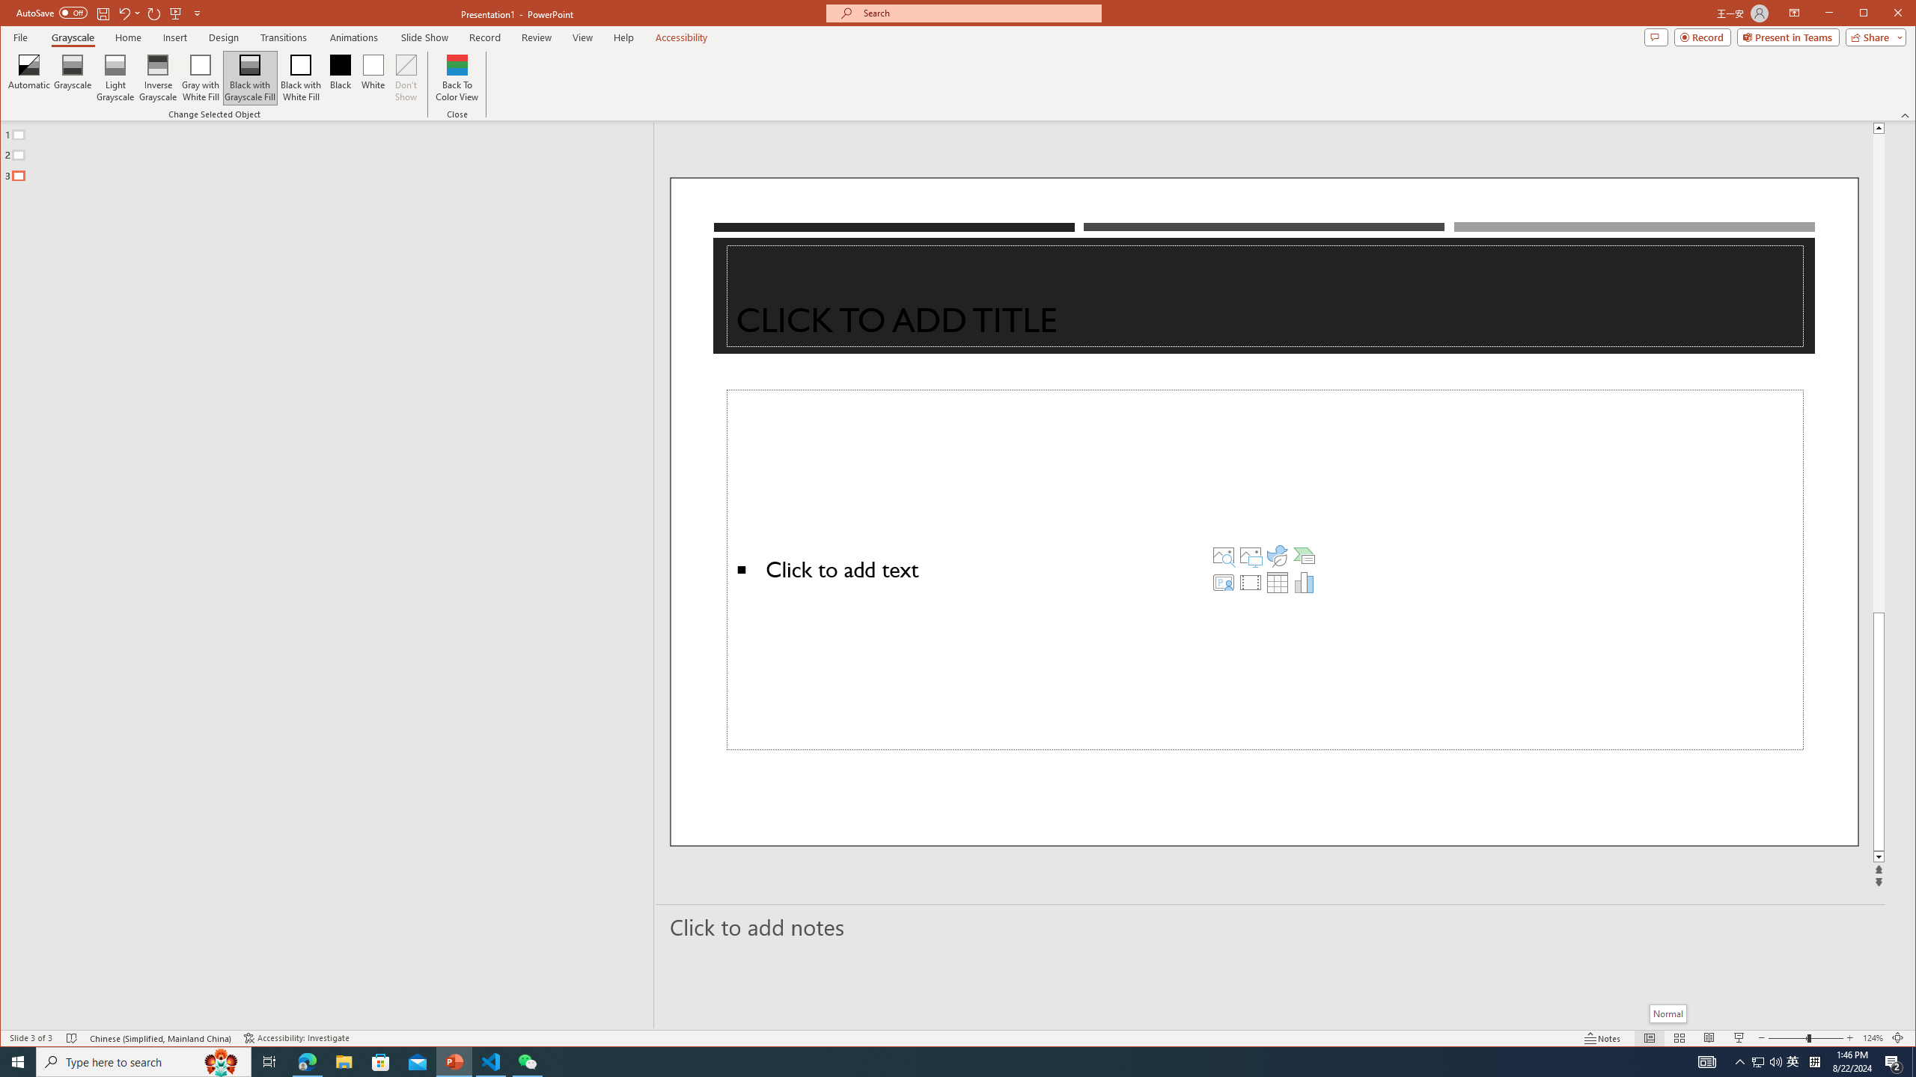  I want to click on 'Zoom 124%', so click(1873, 1037).